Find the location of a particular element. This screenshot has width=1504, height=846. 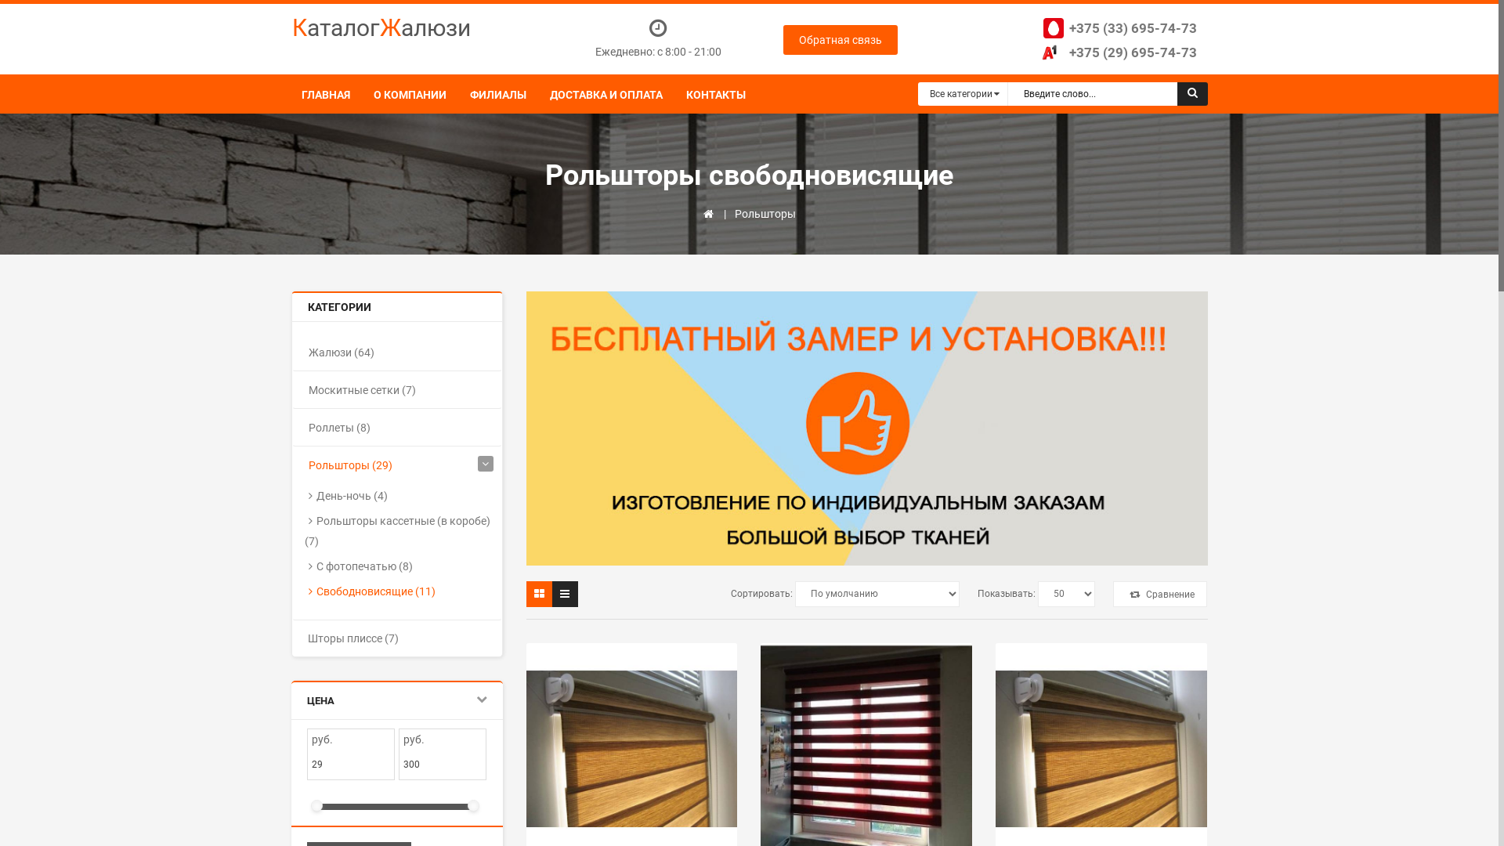

'+375 (33) 695-74-73' is located at coordinates (1116, 27).